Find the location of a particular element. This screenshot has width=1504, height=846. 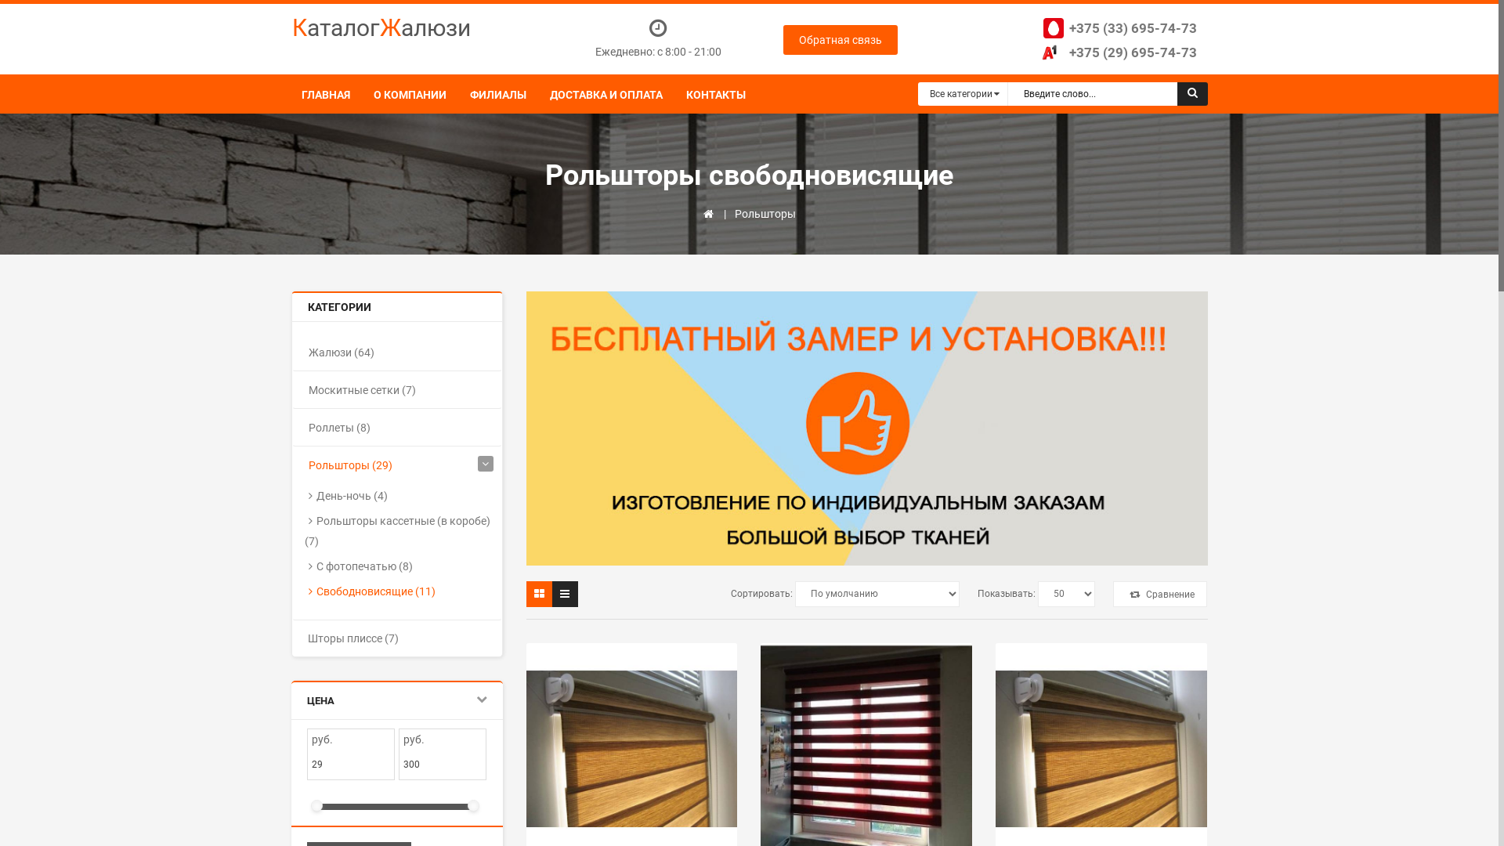

'+375 (33) 695-74-73' is located at coordinates (1116, 27).